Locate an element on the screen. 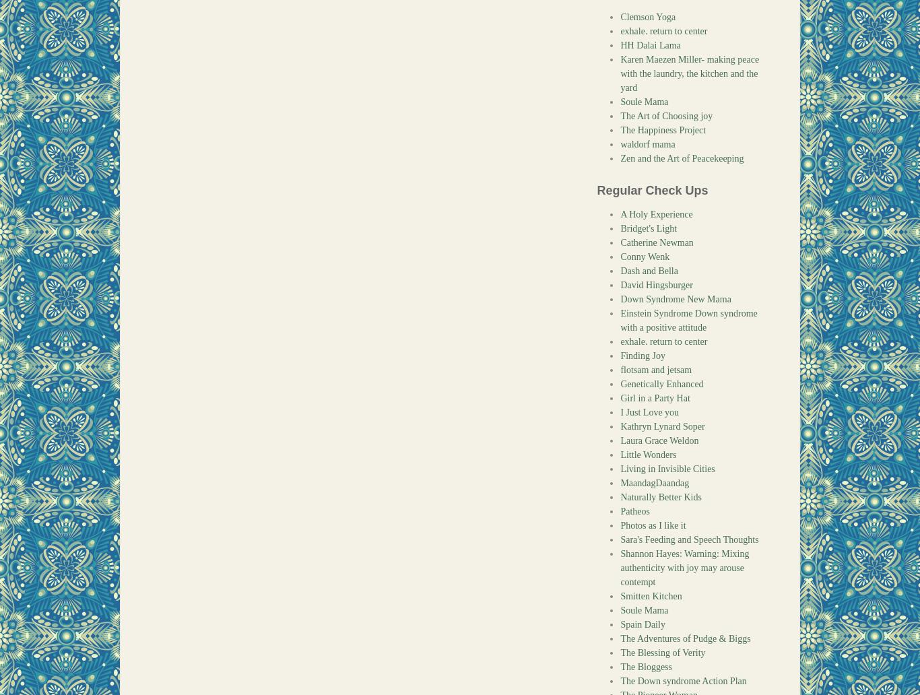 The height and width of the screenshot is (695, 920). 'The Adventures of Pudge & Biggs' is located at coordinates (685, 638).